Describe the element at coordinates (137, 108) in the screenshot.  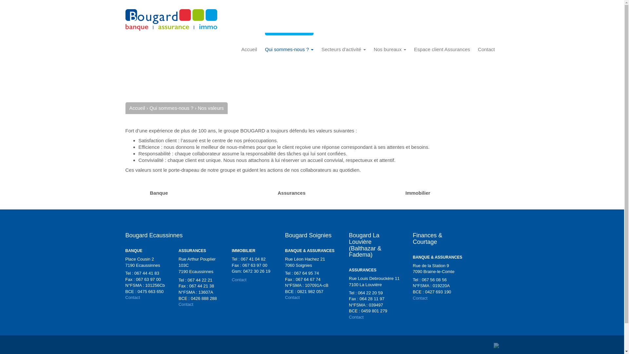
I see `'Accueil'` at that location.